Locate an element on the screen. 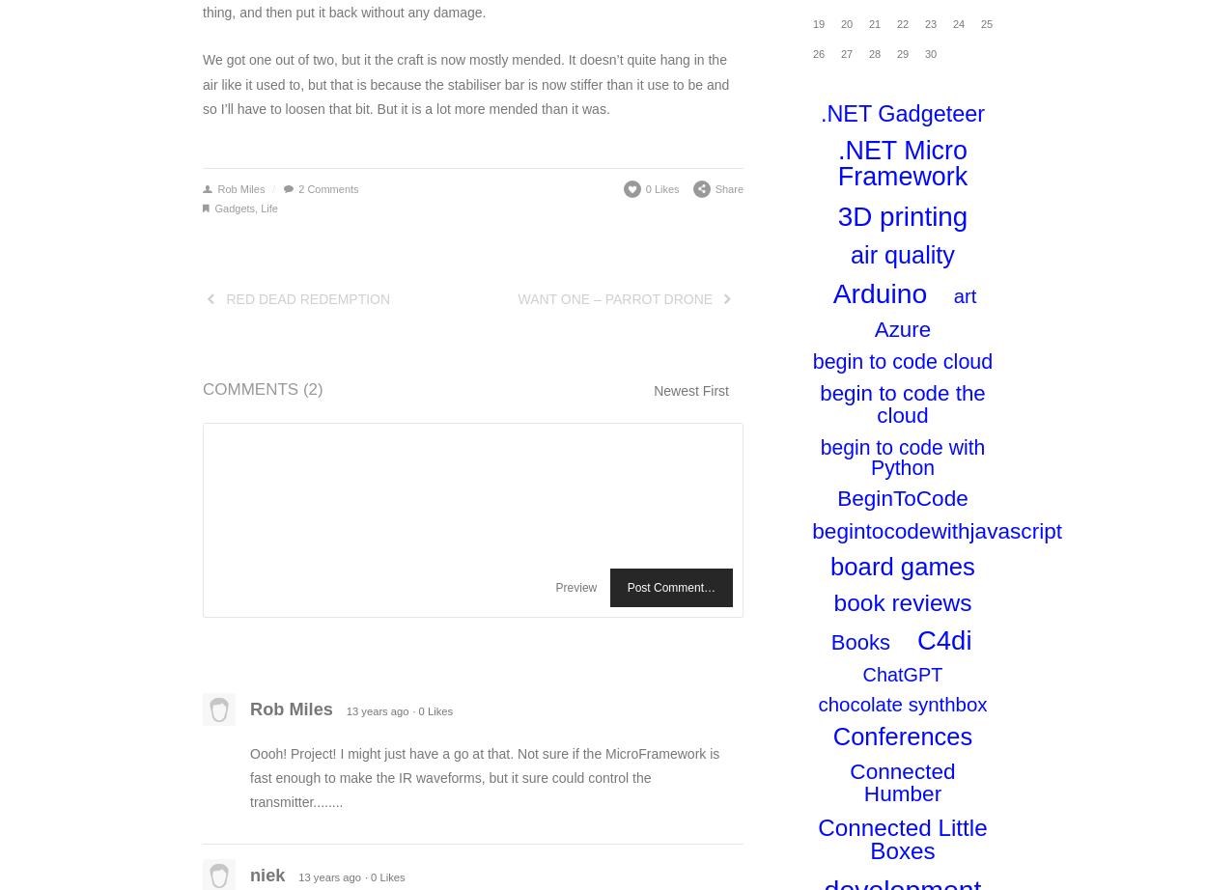 The height and width of the screenshot is (890, 1207). '3D printing' is located at coordinates (902, 215).